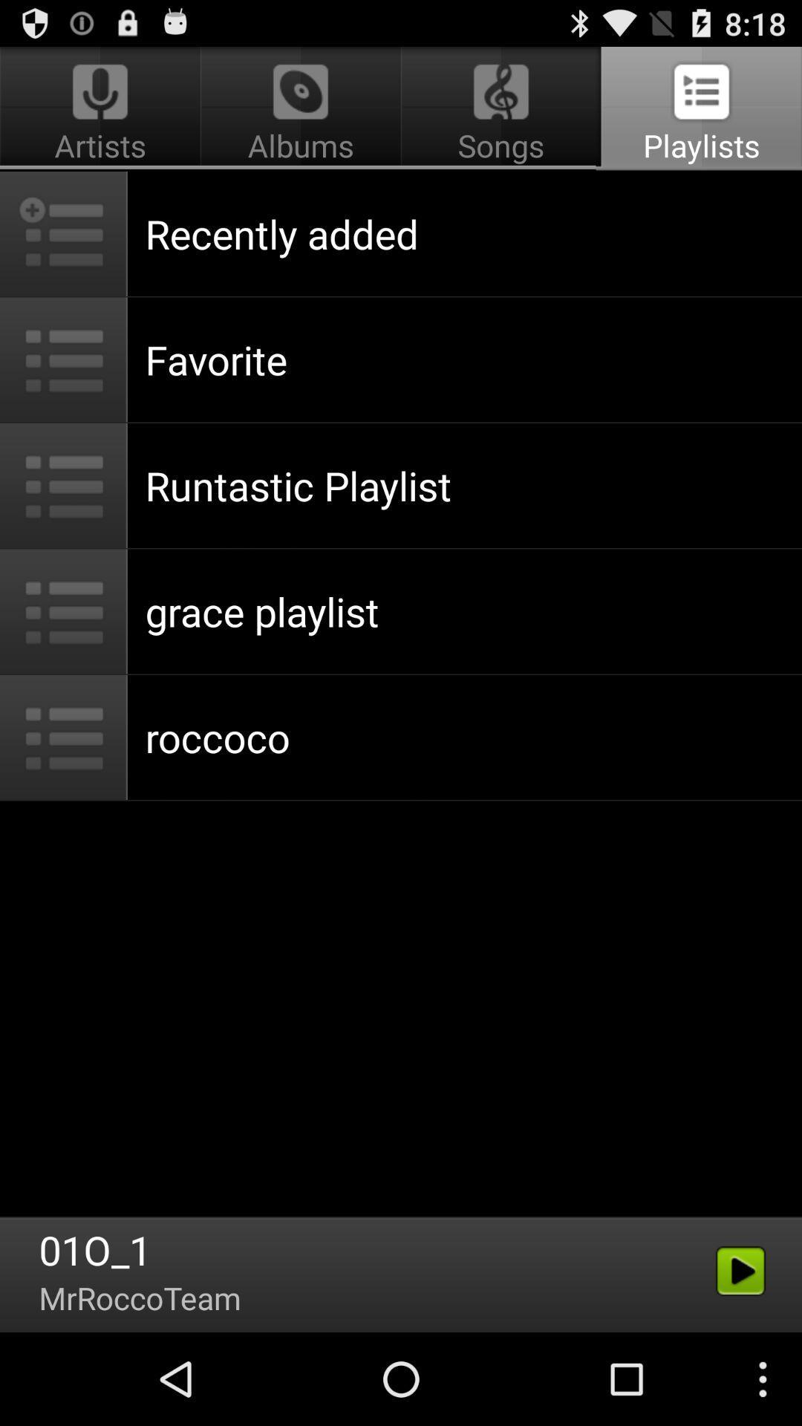  Describe the element at coordinates (699, 108) in the screenshot. I see `app above recently added icon` at that location.